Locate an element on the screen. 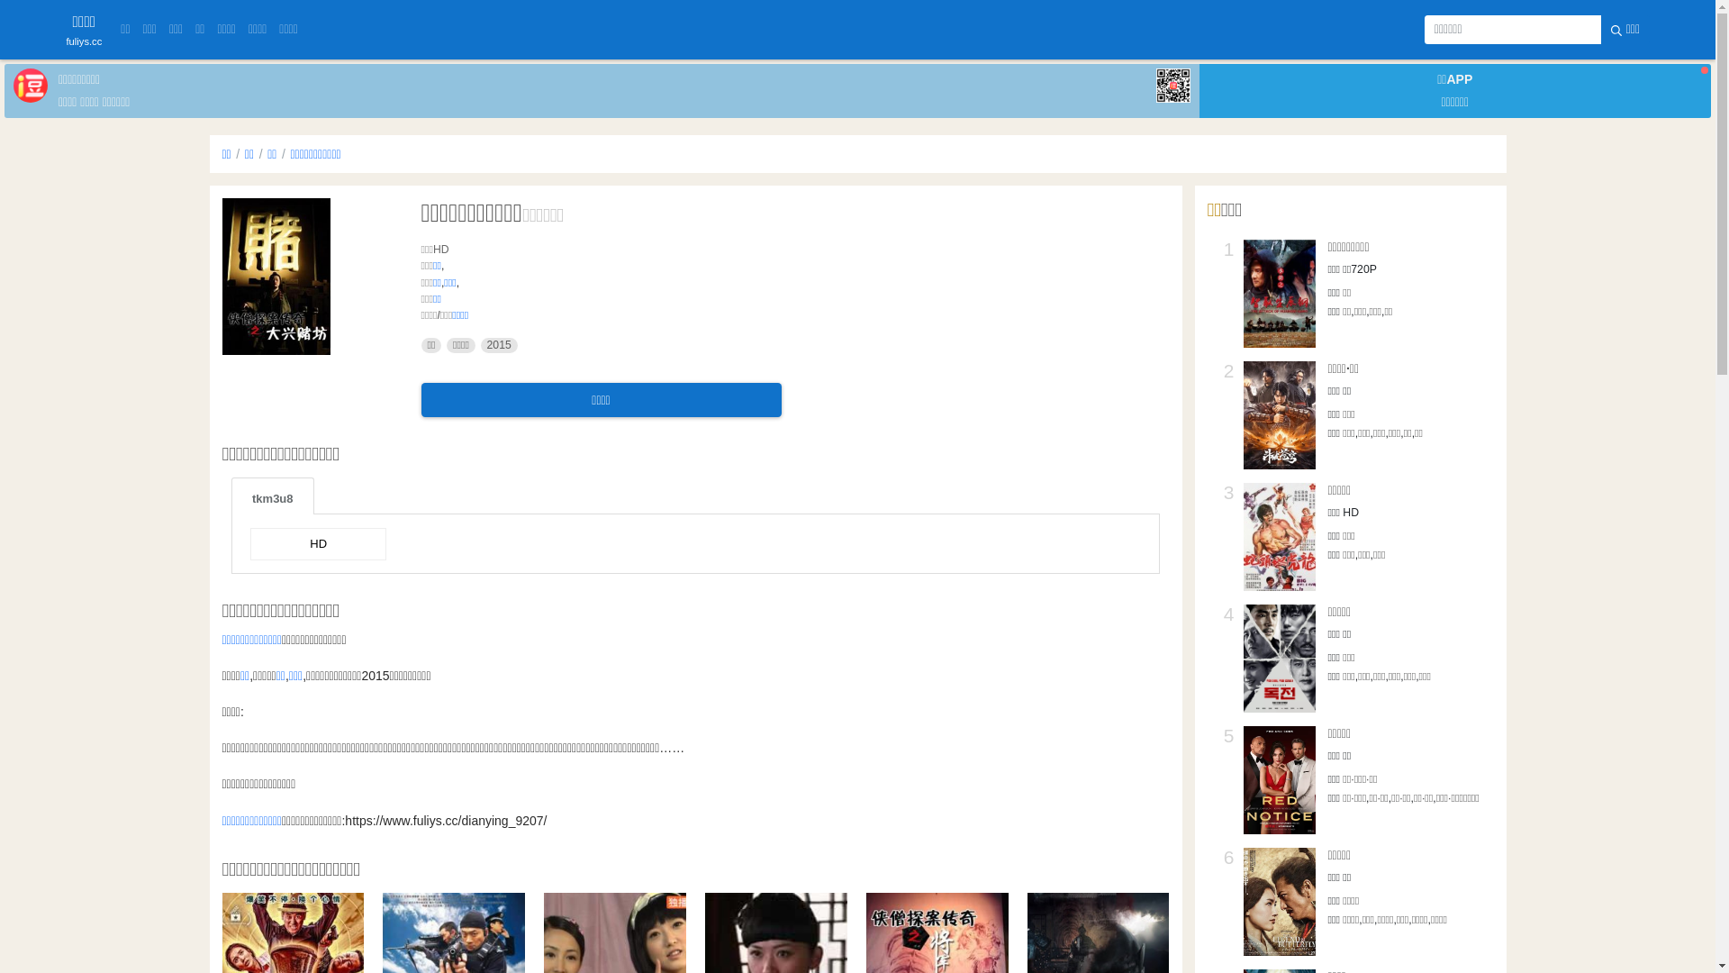 This screenshot has width=1729, height=973. '2015' is located at coordinates (499, 345).